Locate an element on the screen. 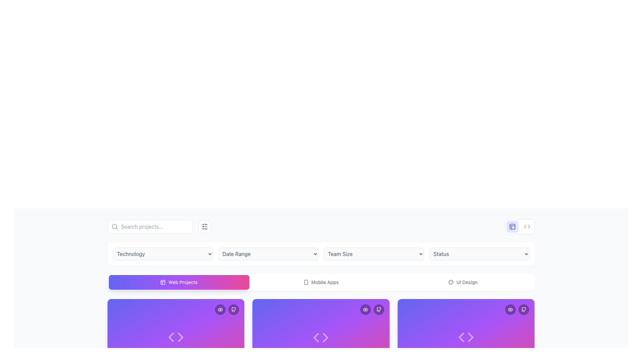  the code-related icon button located in the bottom-right corner of the upper section of the interface is located at coordinates (526, 226).